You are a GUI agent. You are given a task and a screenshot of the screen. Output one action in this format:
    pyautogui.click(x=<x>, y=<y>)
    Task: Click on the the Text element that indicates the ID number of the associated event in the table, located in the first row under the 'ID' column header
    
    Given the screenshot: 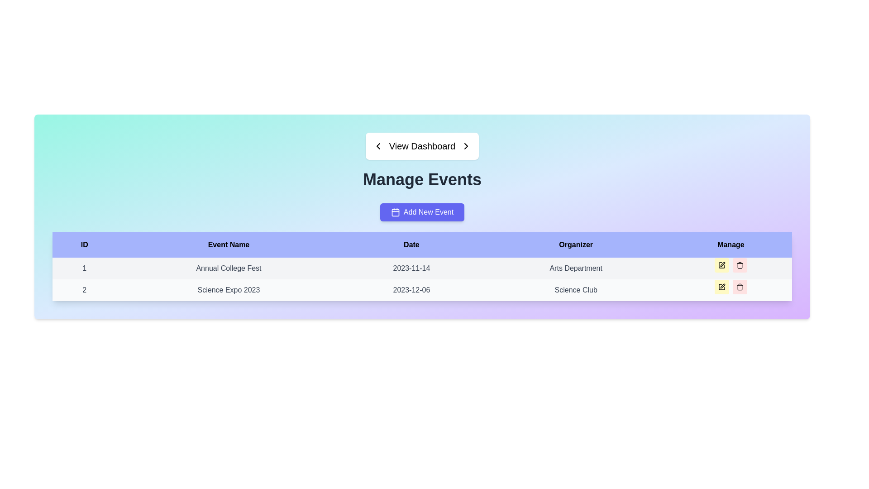 What is the action you would take?
    pyautogui.click(x=84, y=268)
    